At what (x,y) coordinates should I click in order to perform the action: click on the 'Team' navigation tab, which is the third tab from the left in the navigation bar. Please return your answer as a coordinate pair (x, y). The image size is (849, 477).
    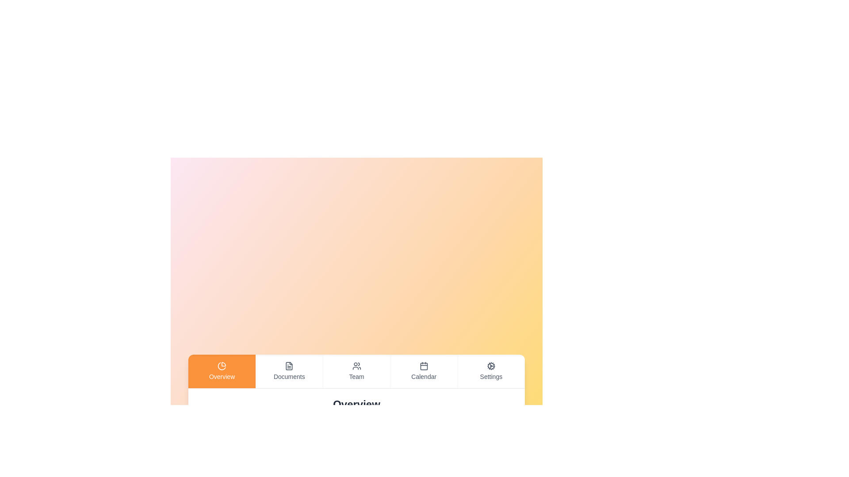
    Looking at the image, I should click on (356, 371).